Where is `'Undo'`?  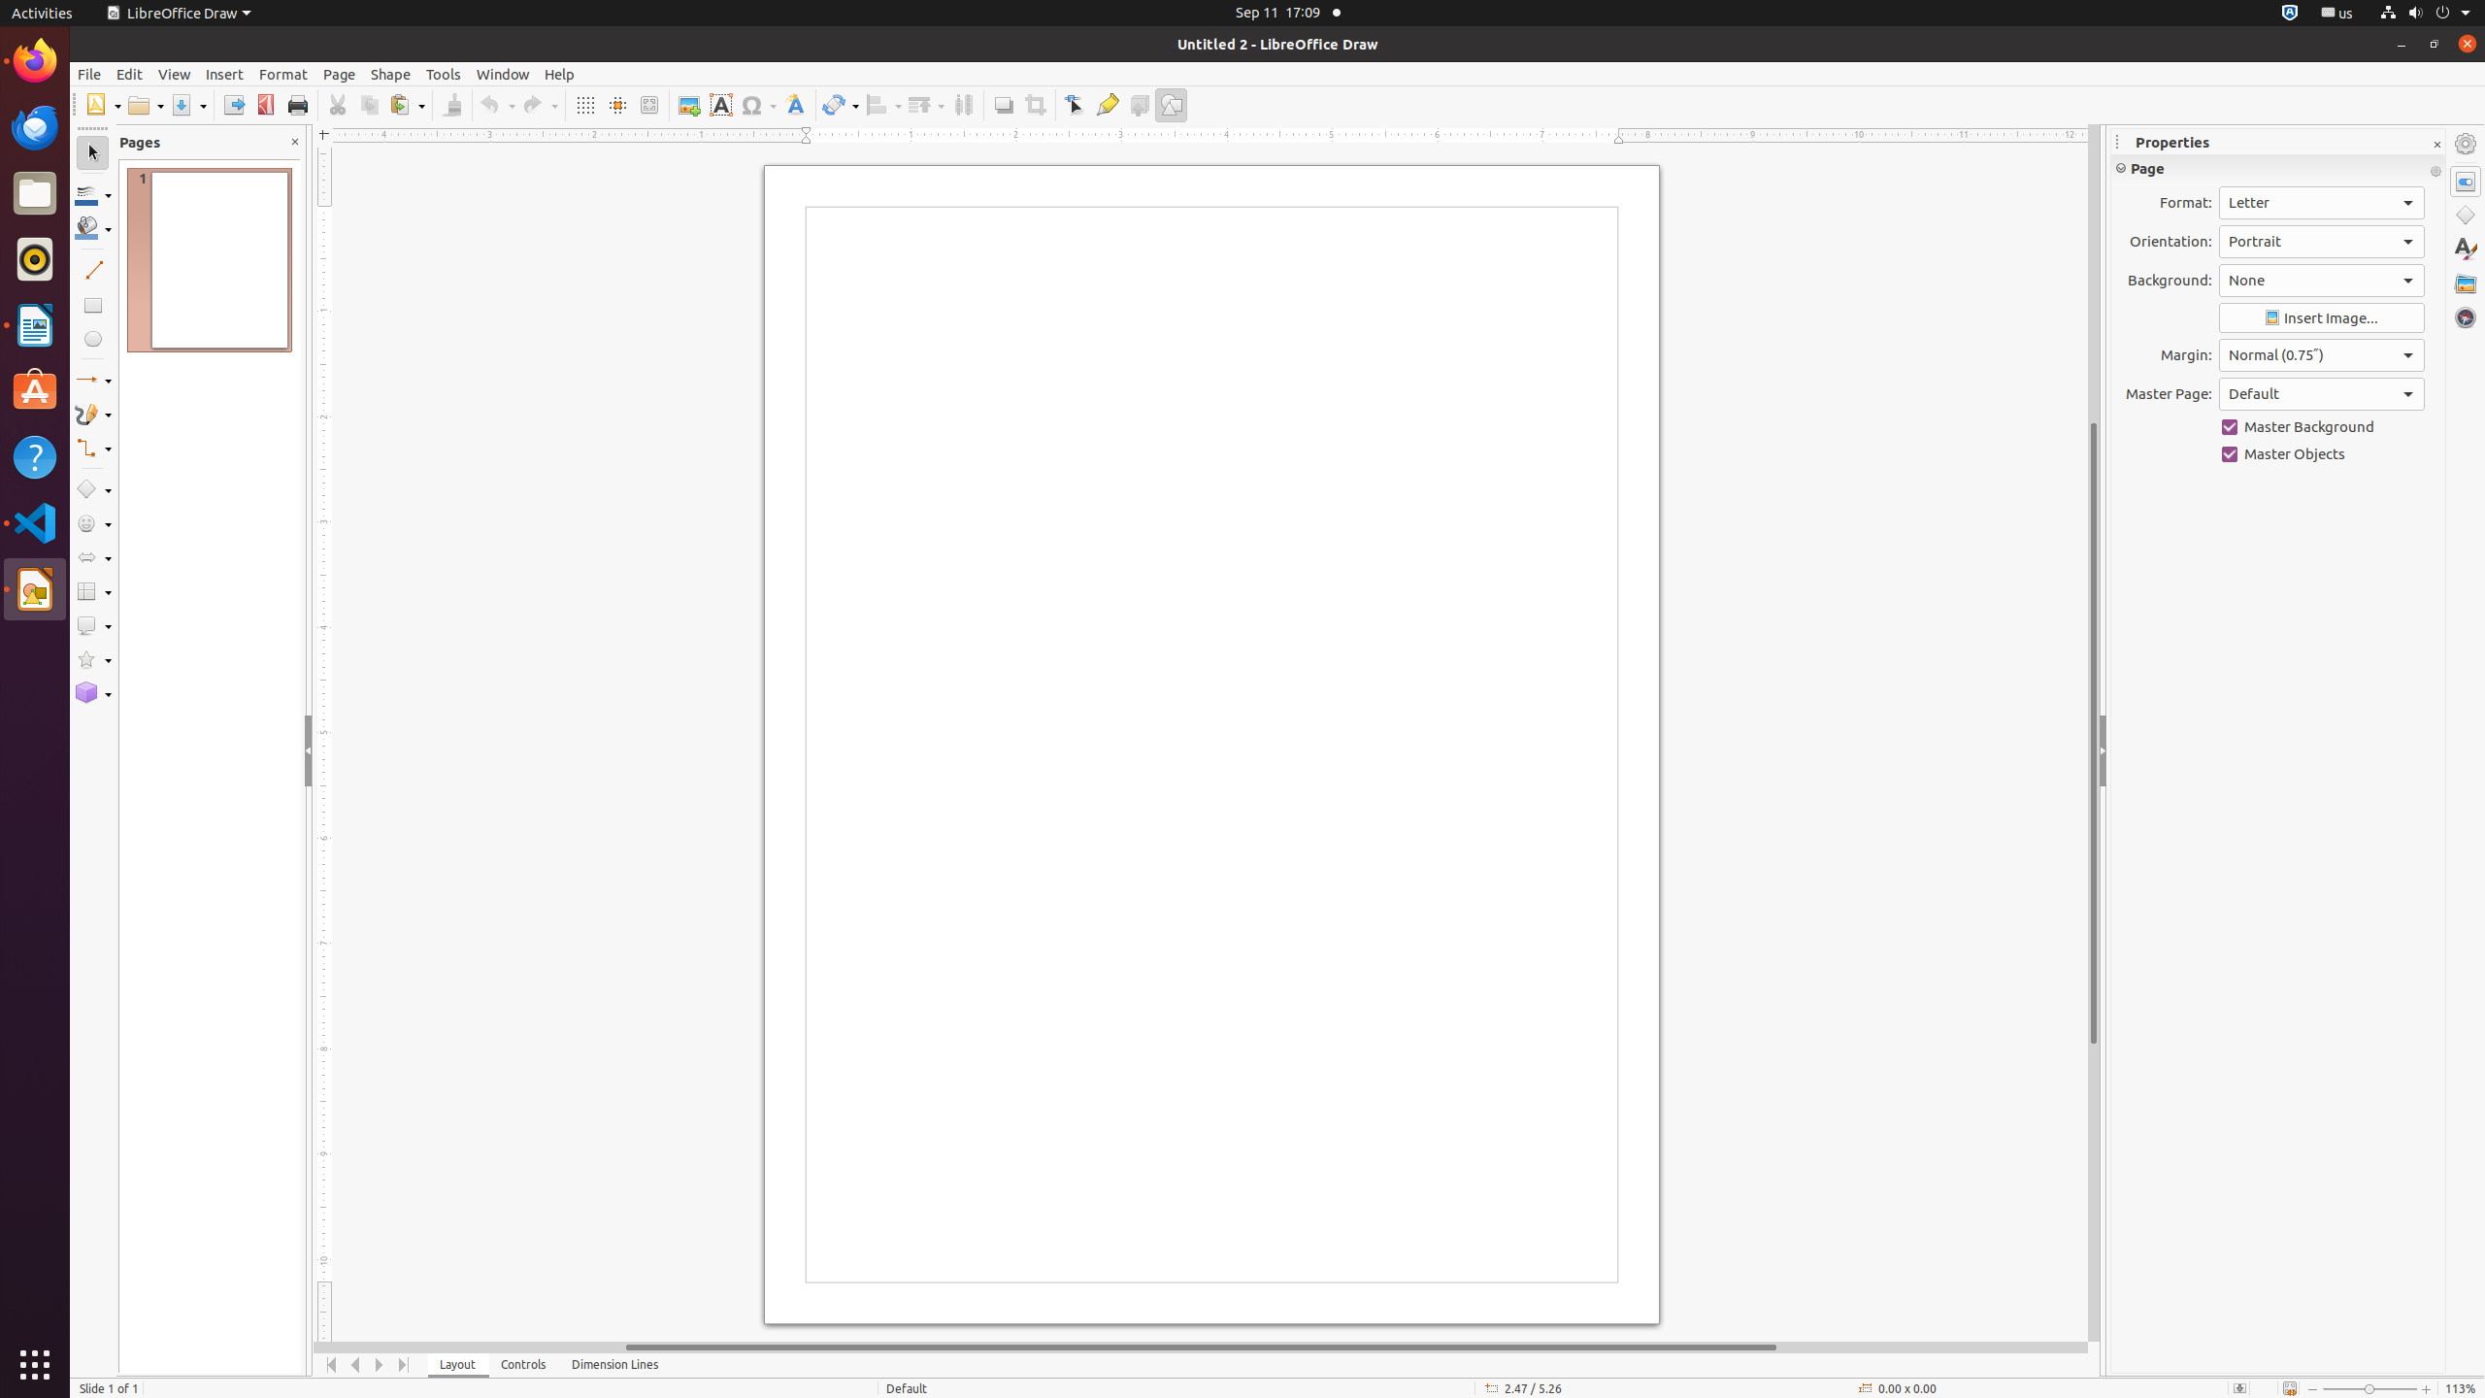
'Undo' is located at coordinates (496, 104).